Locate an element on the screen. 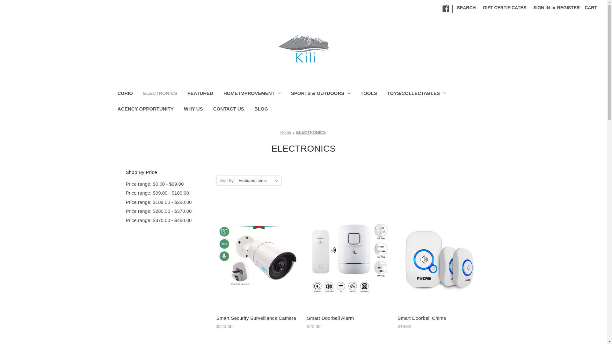 The height and width of the screenshot is (344, 612). 'WHY US' is located at coordinates (193, 109).